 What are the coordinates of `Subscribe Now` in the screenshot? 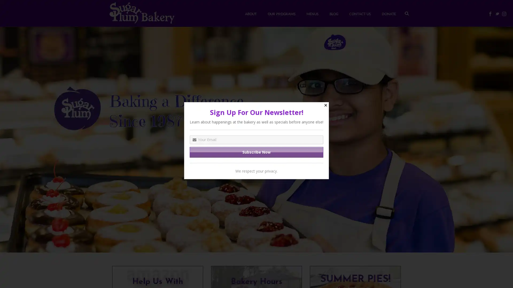 It's located at (256, 152).